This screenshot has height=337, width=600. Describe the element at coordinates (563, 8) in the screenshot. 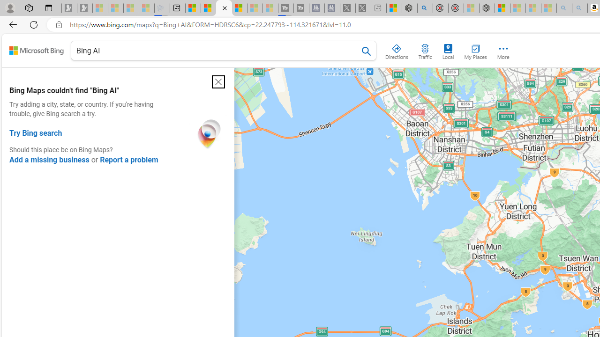

I see `'amazon - Search - Sleeping'` at that location.